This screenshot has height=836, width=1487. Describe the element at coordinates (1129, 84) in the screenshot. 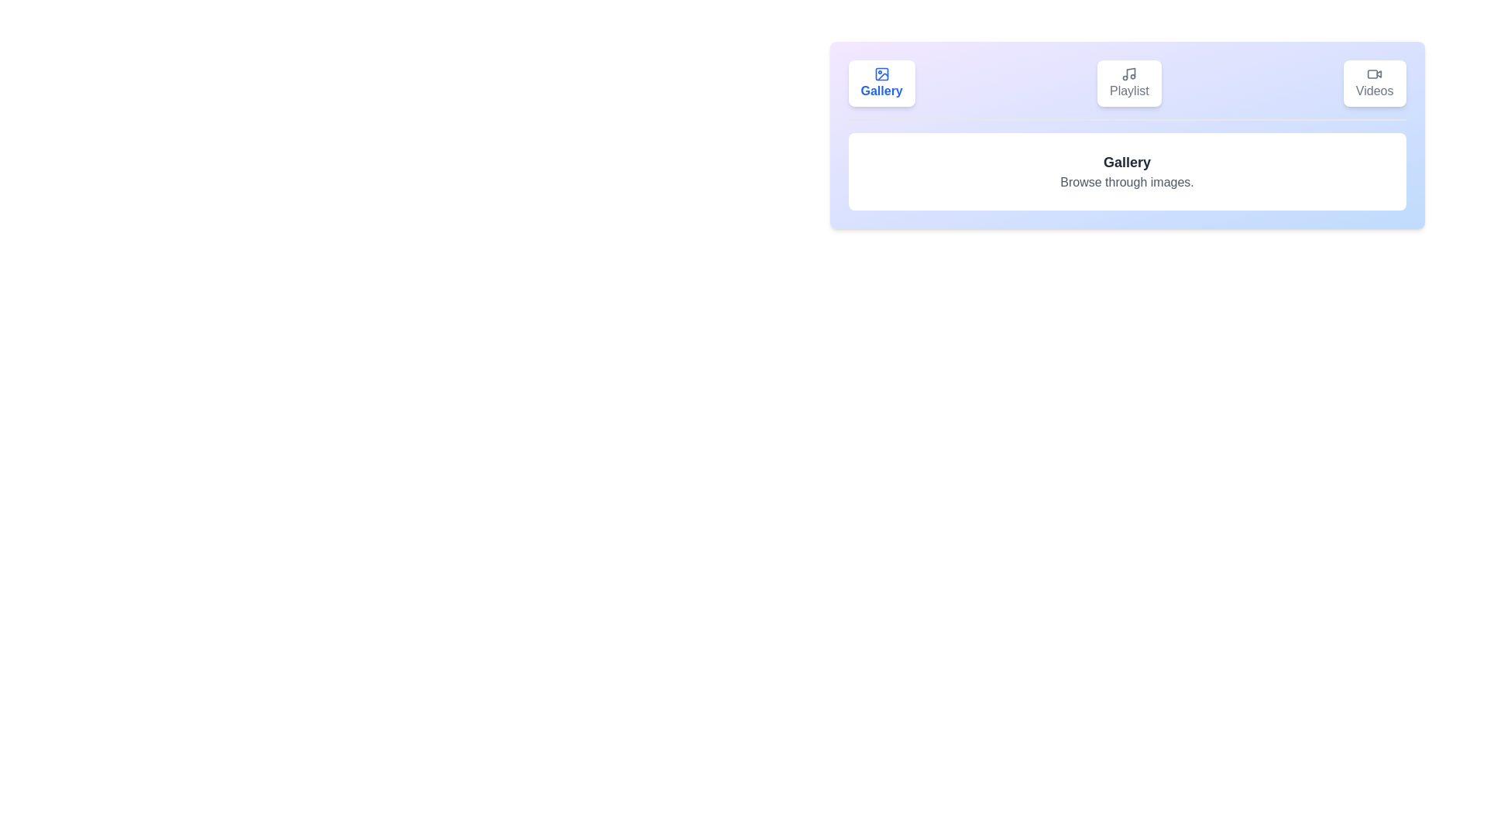

I see `the Playlist button to observe its hover effect` at that location.